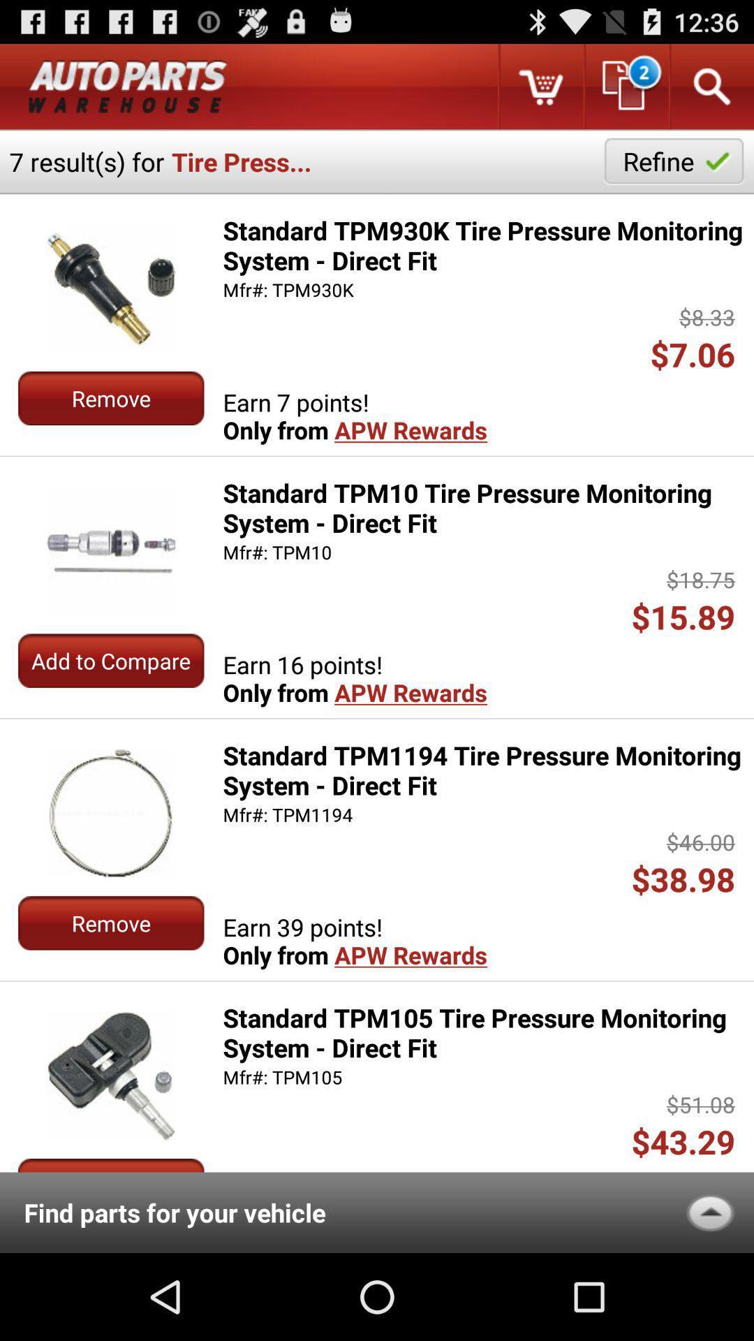 Image resolution: width=754 pixels, height=1341 pixels. Describe the element at coordinates (540, 91) in the screenshot. I see `the cart icon` at that location.